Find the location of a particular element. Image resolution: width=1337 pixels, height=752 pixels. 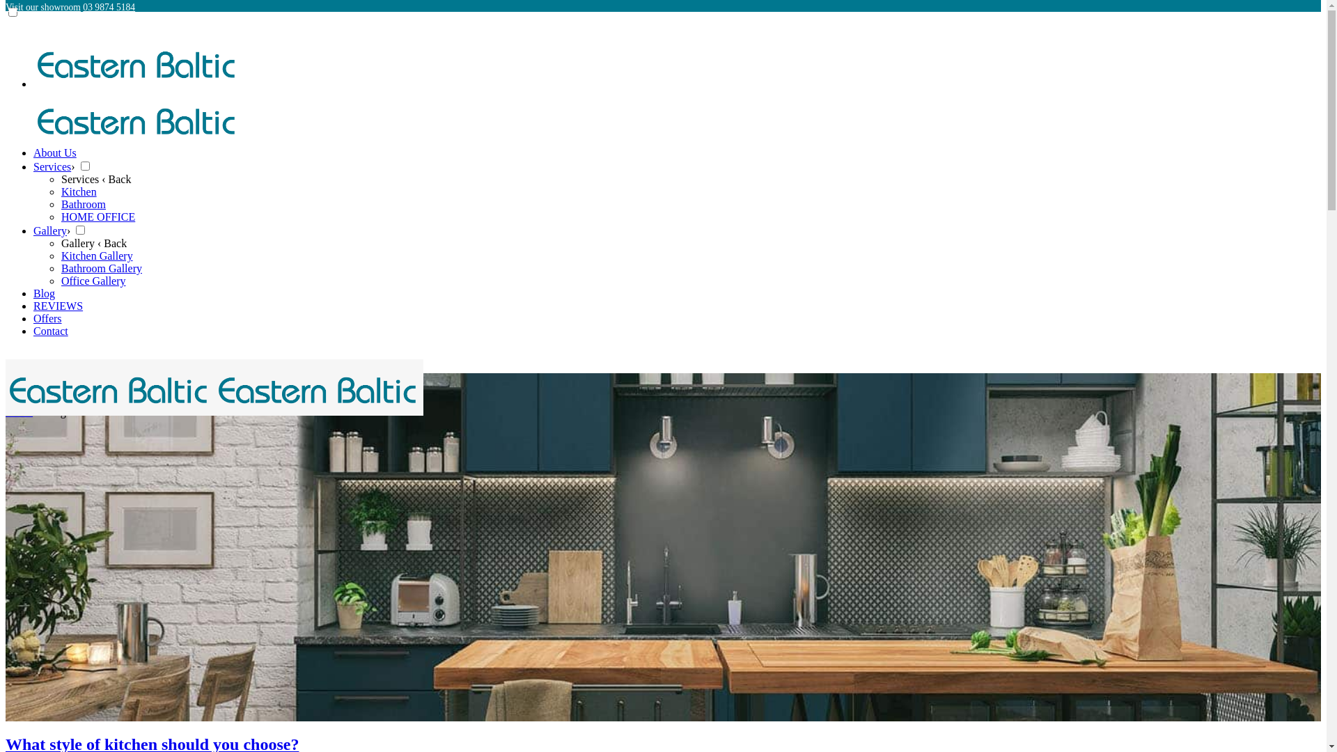

'REVIEWS' is located at coordinates (57, 305).